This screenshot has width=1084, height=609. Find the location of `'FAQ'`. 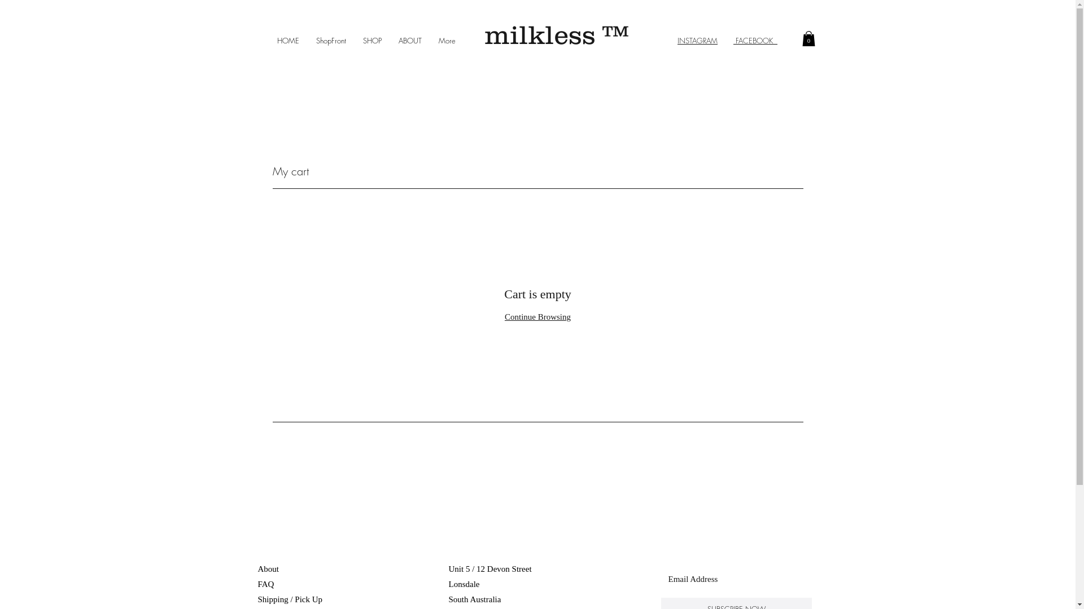

'FAQ' is located at coordinates (265, 584).